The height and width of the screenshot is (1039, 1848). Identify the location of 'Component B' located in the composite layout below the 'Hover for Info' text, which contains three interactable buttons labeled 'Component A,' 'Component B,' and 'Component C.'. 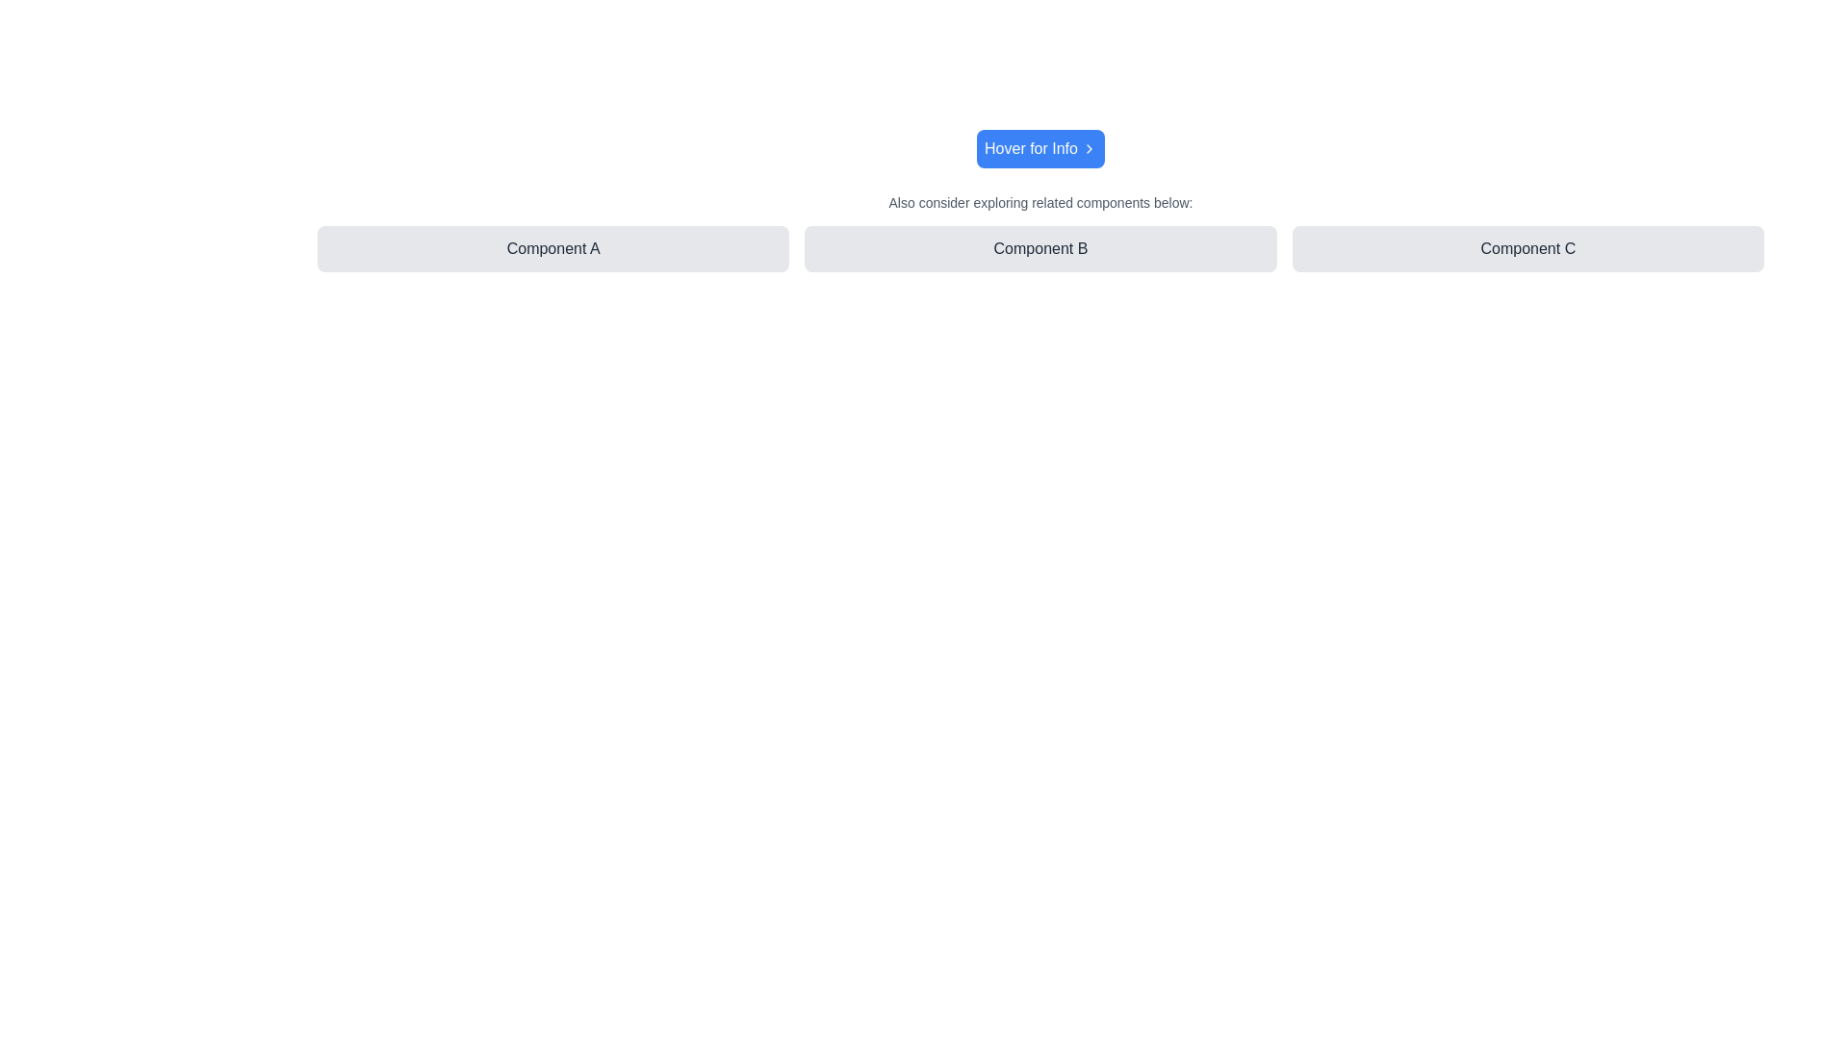
(1039, 230).